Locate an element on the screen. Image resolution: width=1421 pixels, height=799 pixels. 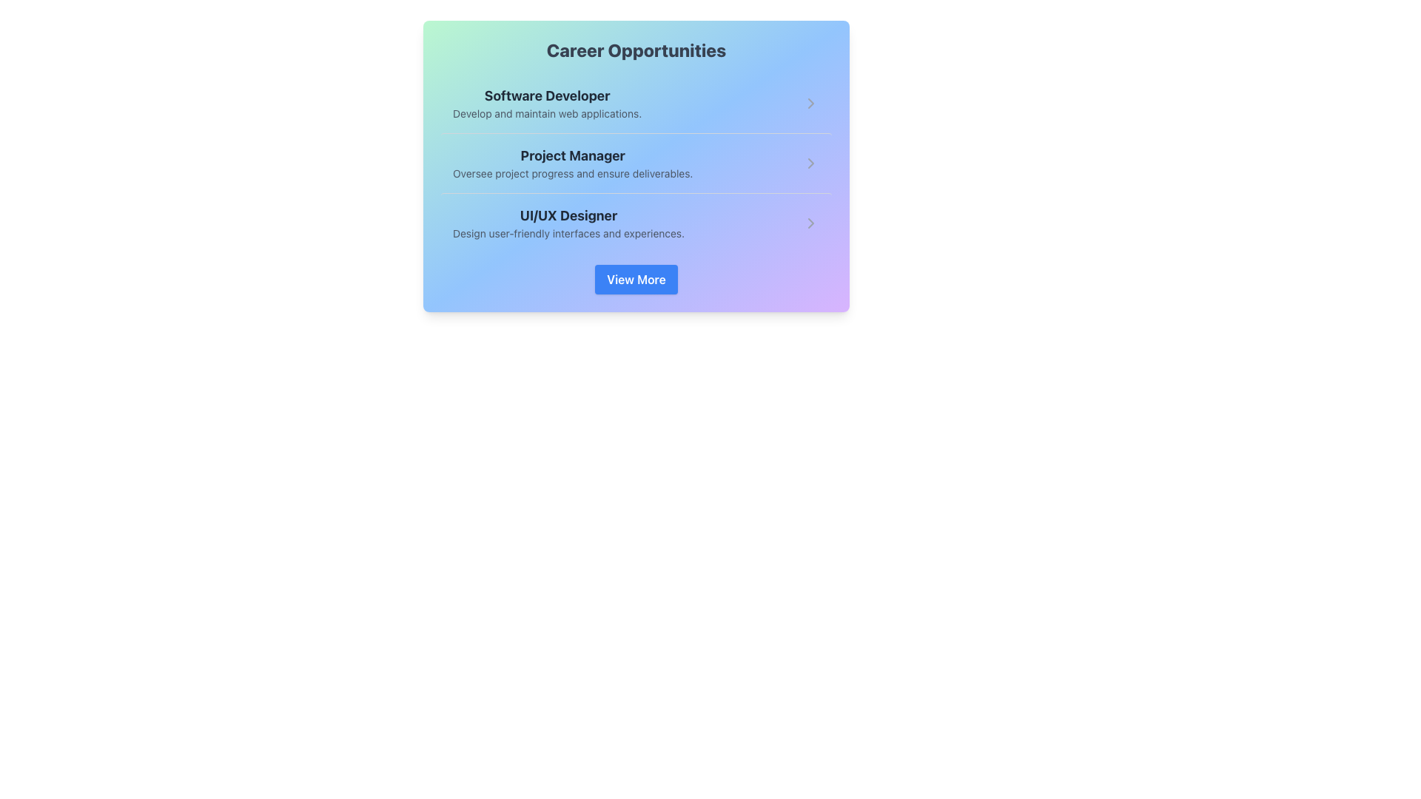
the second list item labeled 'Project Manager' is located at coordinates (636, 163).